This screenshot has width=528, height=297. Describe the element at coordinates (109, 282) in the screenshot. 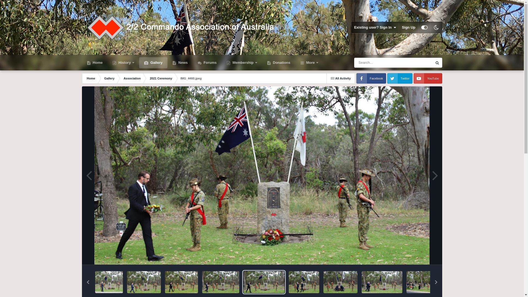

I see `'View the image IMG_4493.jpeg'` at that location.